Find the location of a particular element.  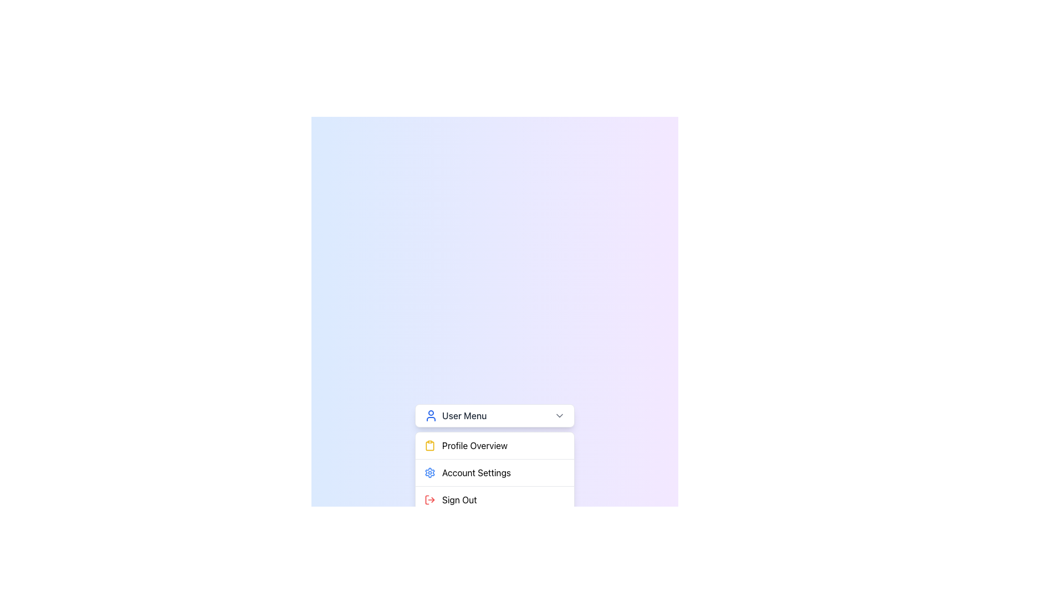

the 'Profile Overview' menu item, which is the first item in the vertical 'User Menu' list is located at coordinates (494, 445).